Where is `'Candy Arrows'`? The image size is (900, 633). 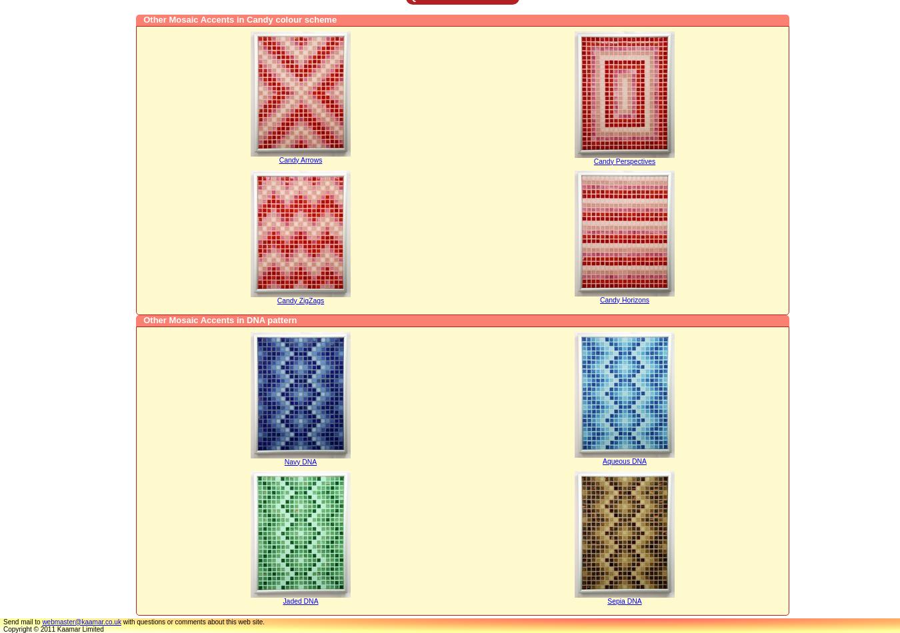
'Candy Arrows' is located at coordinates (300, 159).